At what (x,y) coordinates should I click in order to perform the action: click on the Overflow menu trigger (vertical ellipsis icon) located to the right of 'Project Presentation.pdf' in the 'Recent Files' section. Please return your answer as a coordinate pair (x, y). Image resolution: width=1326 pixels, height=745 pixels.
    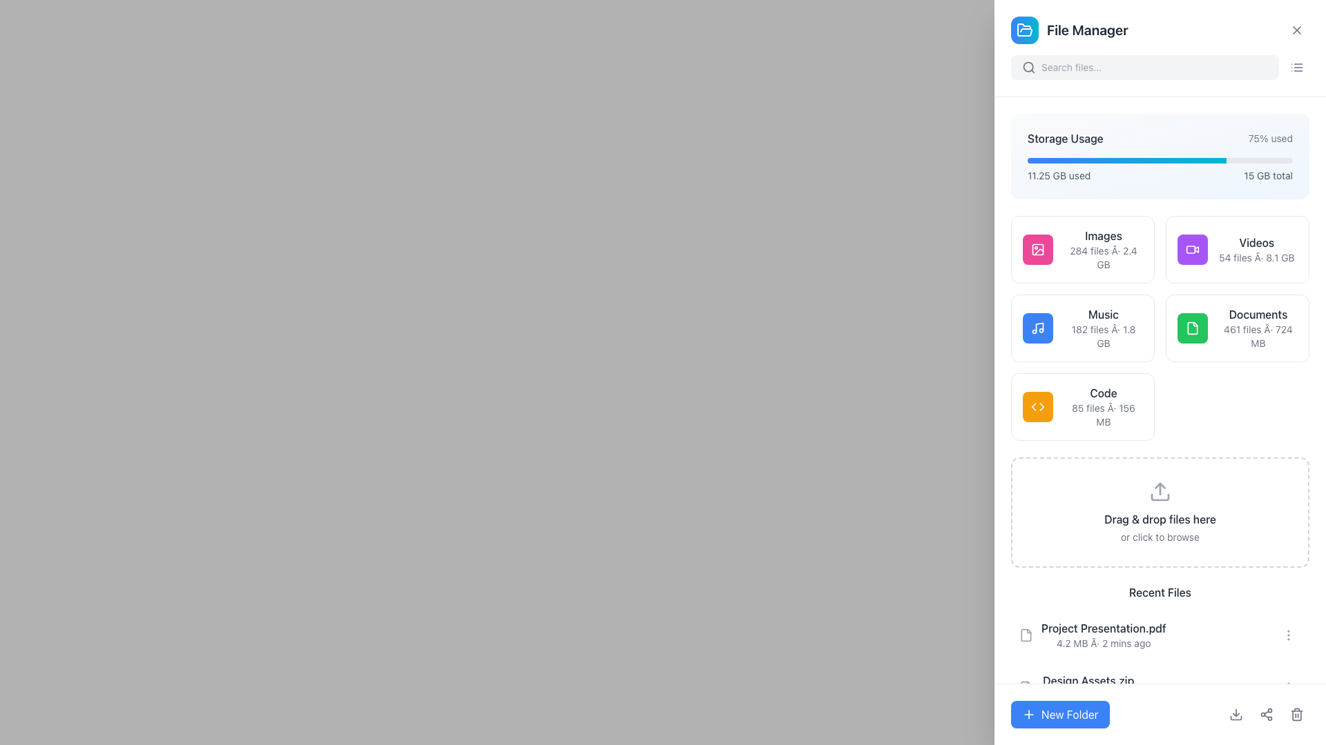
    Looking at the image, I should click on (1288, 635).